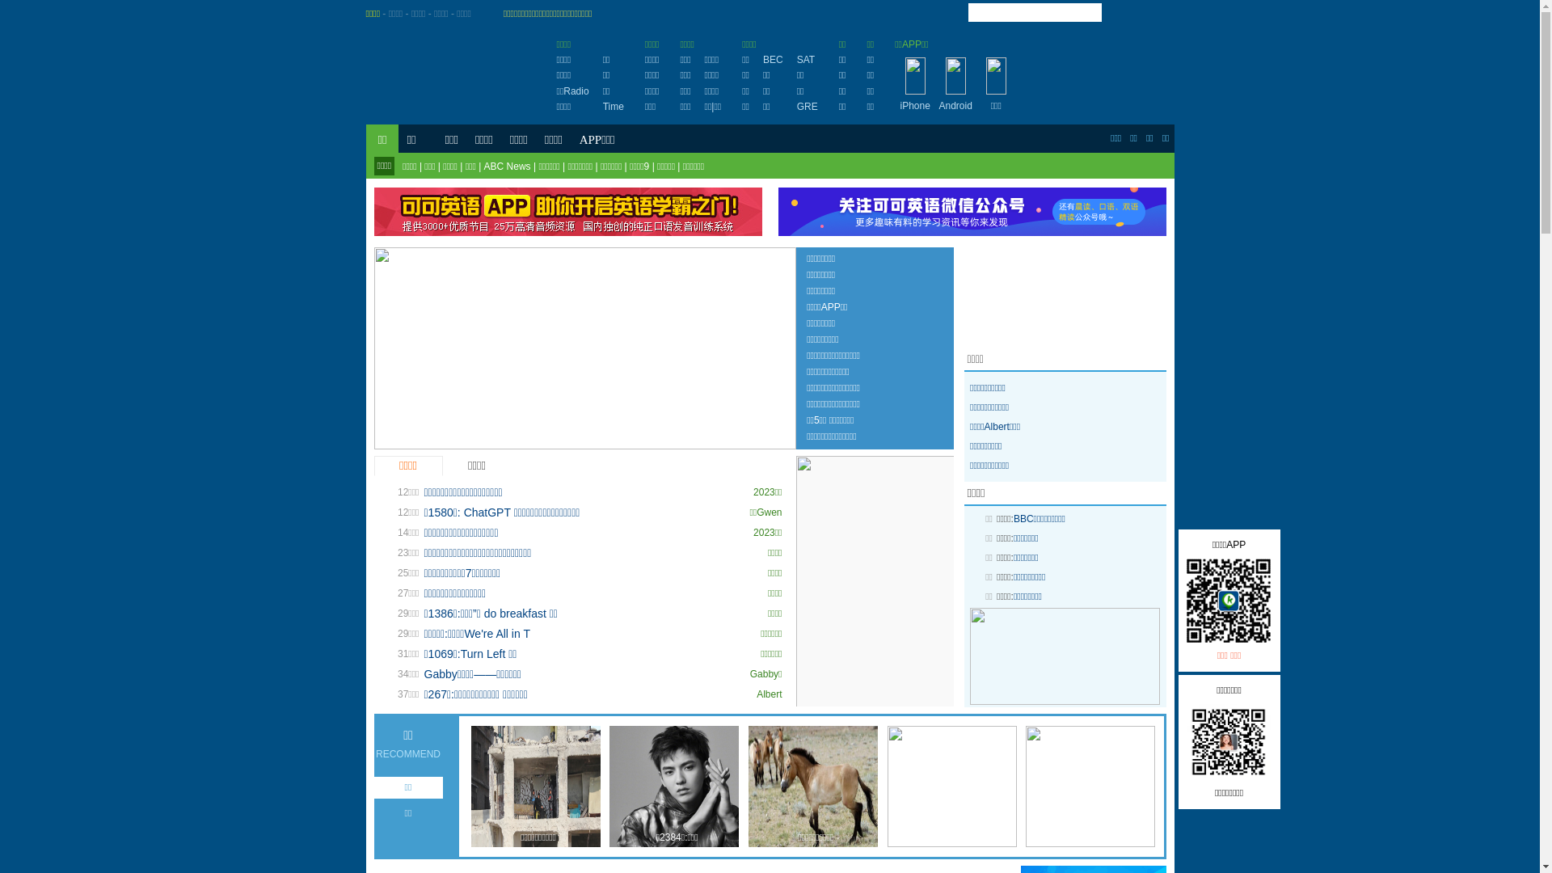 The height and width of the screenshot is (873, 1552). What do you see at coordinates (915, 106) in the screenshot?
I see `'iPhone'` at bounding box center [915, 106].